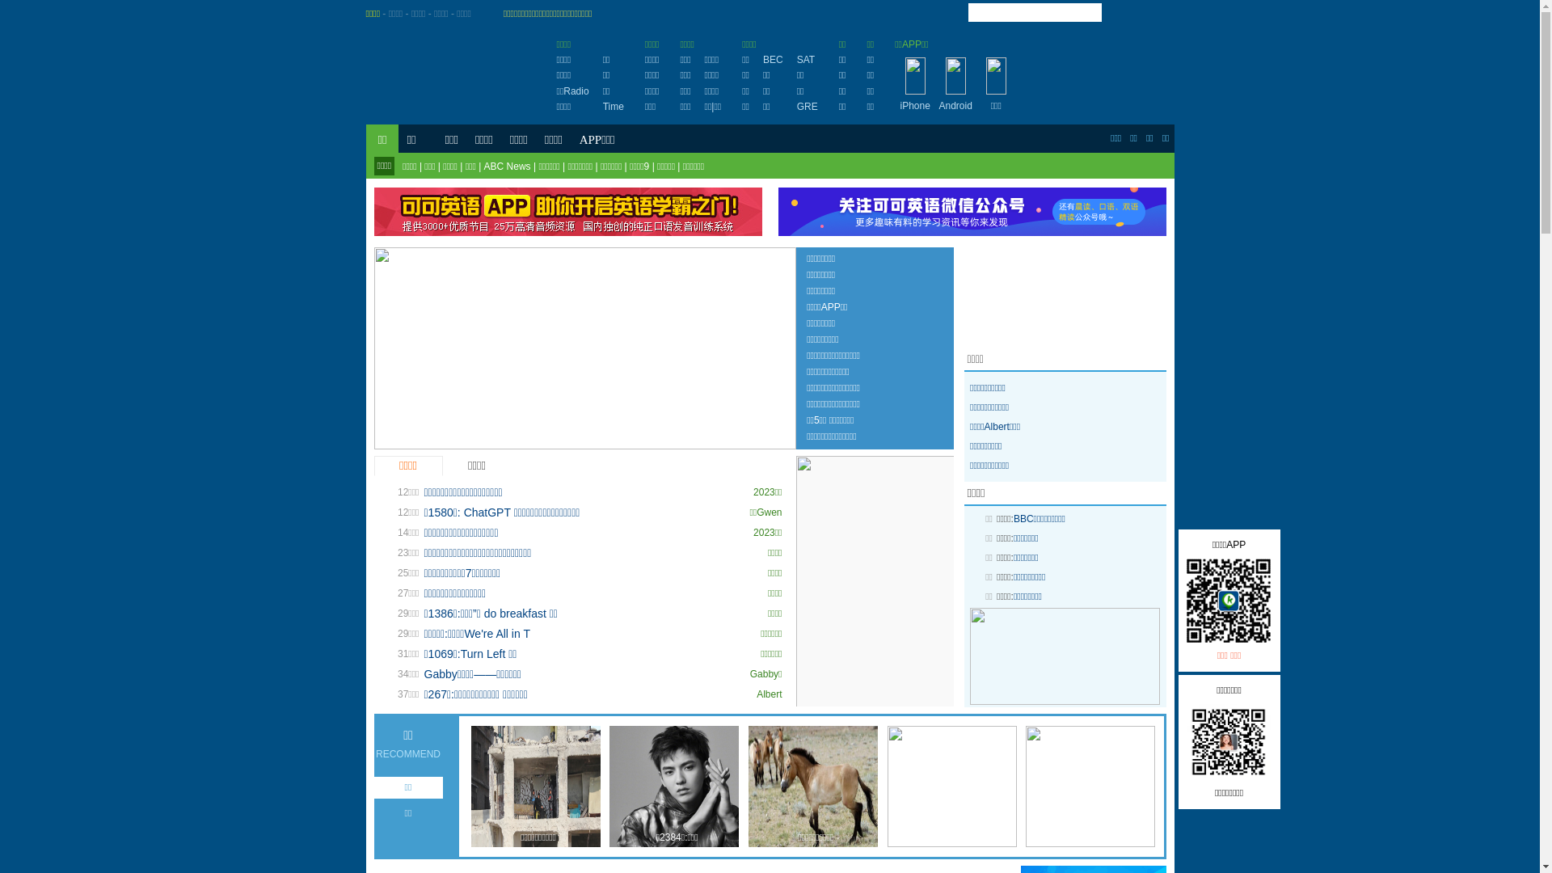 The height and width of the screenshot is (873, 1552). What do you see at coordinates (915, 106) in the screenshot?
I see `'iPhone'` at bounding box center [915, 106].